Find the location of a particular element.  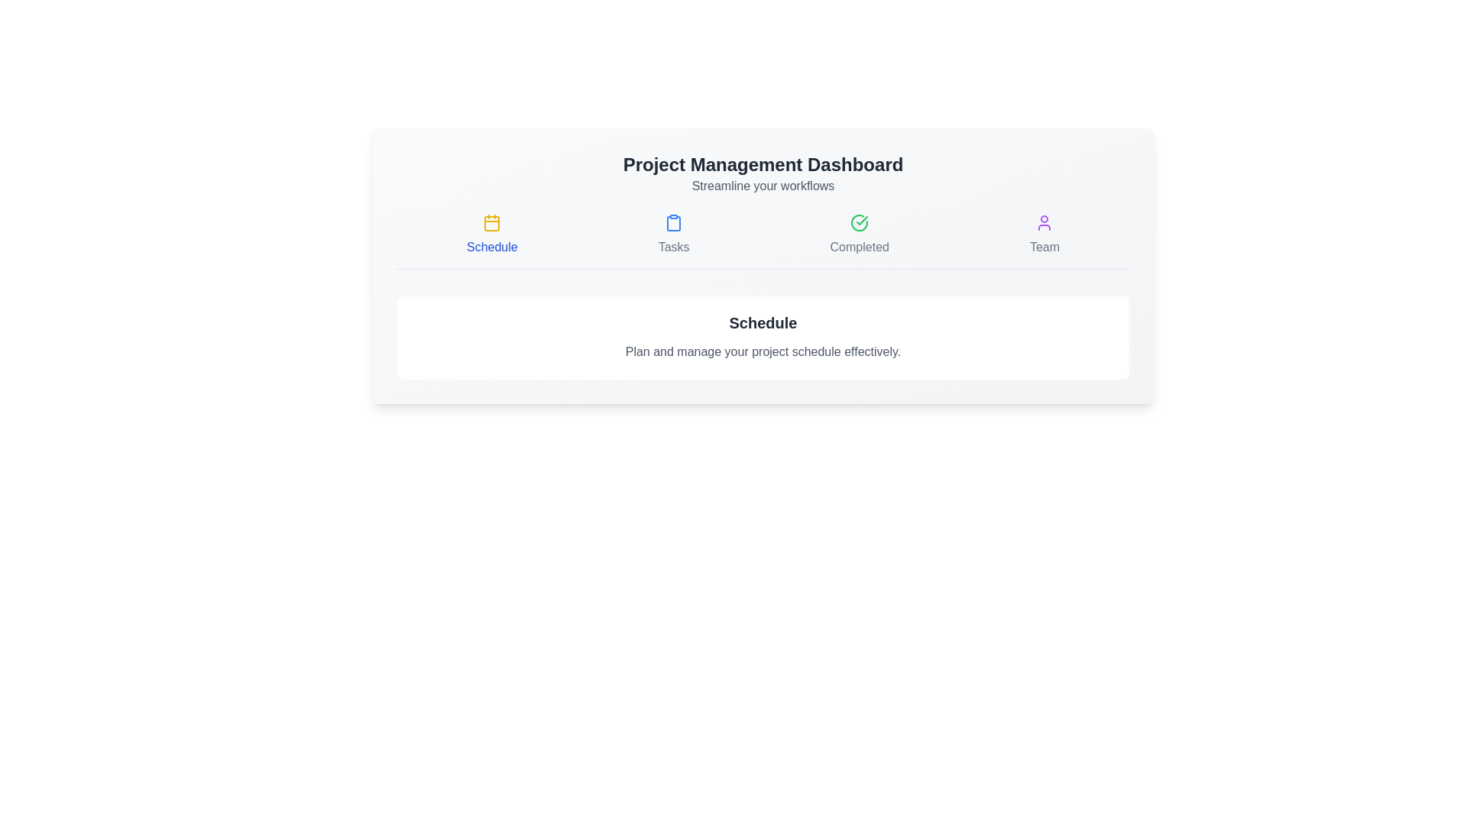

the tab named Tasks is located at coordinates (673, 235).